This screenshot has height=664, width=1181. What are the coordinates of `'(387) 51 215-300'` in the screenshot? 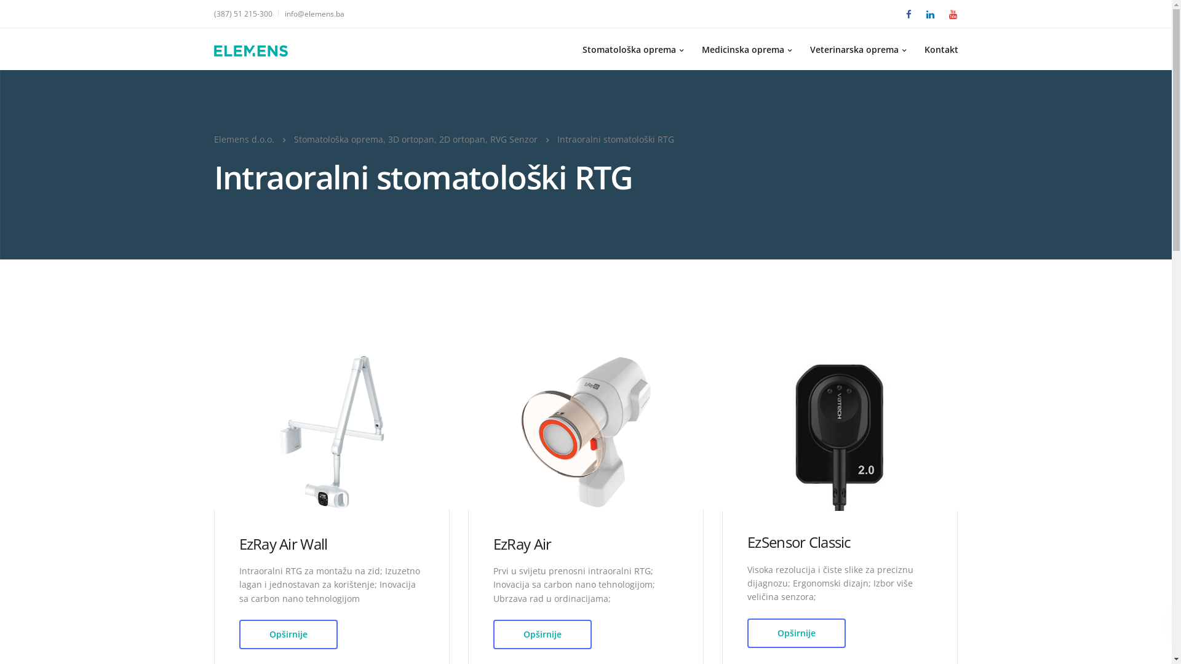 It's located at (246, 14).